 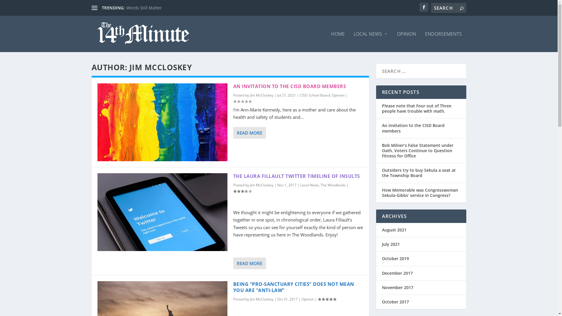 What do you see at coordinates (330, 41) in the screenshot?
I see `'HOME'` at bounding box center [330, 41].